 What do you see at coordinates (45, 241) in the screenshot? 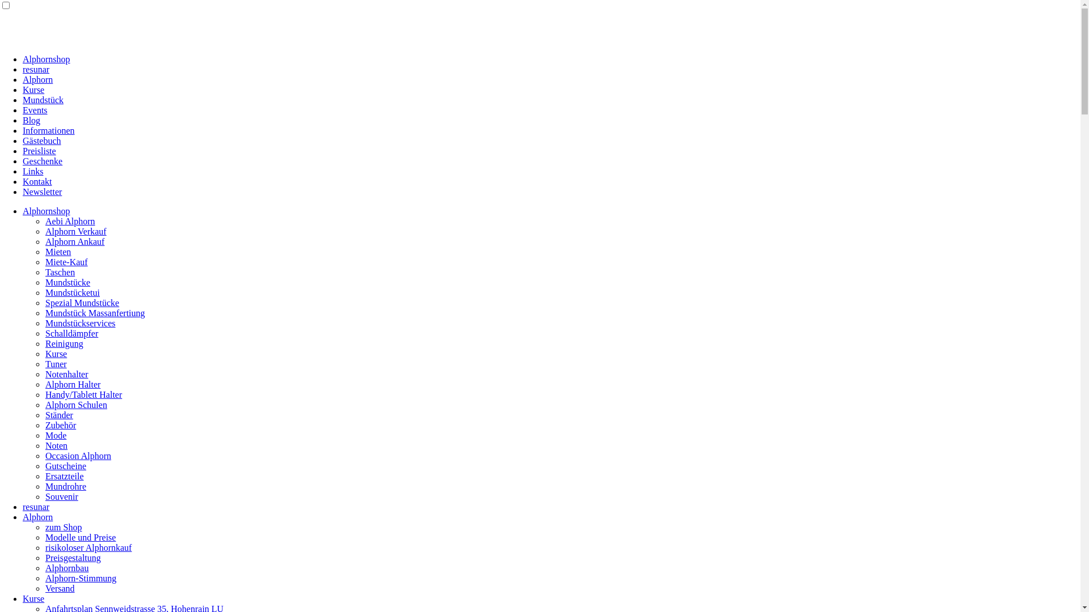
I see `'Alphorn Ankauf'` at bounding box center [45, 241].